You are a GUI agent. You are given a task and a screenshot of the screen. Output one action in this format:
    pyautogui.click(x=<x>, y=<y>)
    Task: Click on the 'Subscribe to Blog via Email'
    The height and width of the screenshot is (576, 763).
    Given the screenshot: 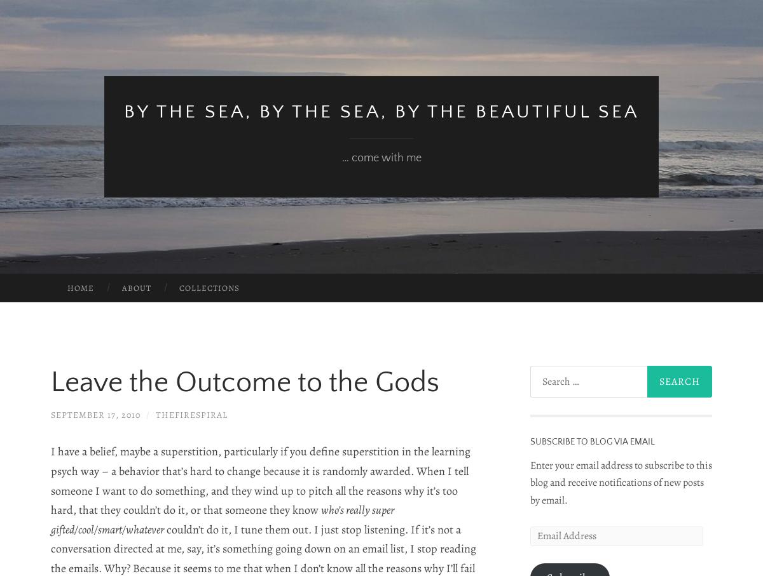 What is the action you would take?
    pyautogui.click(x=529, y=441)
    